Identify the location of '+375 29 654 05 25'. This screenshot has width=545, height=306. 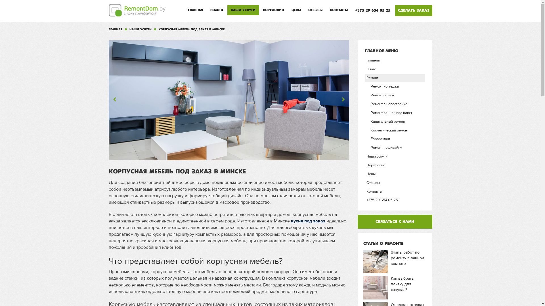
(395, 200).